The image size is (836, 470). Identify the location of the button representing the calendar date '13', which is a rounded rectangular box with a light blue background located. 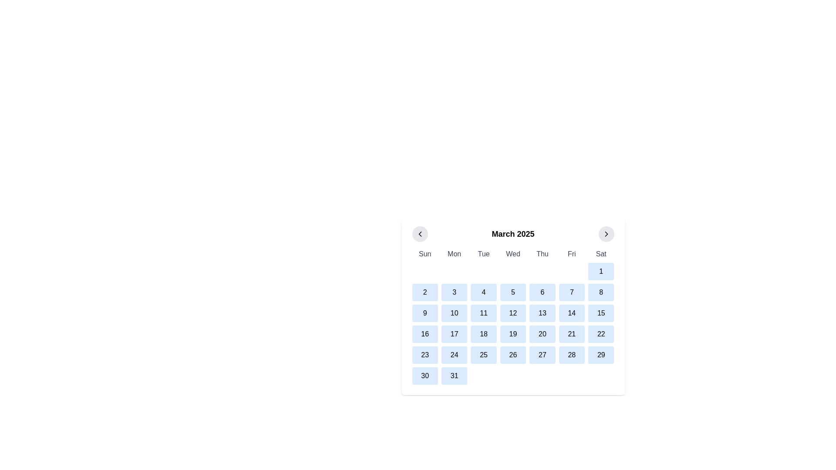
(542, 313).